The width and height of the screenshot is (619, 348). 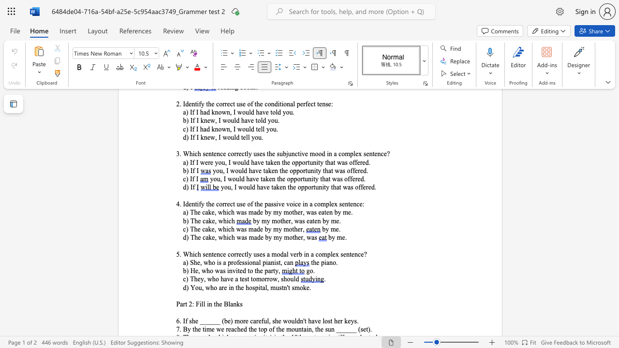 What do you see at coordinates (301, 221) in the screenshot?
I see `the space between the continuous character "a" and "s" in the text` at bounding box center [301, 221].